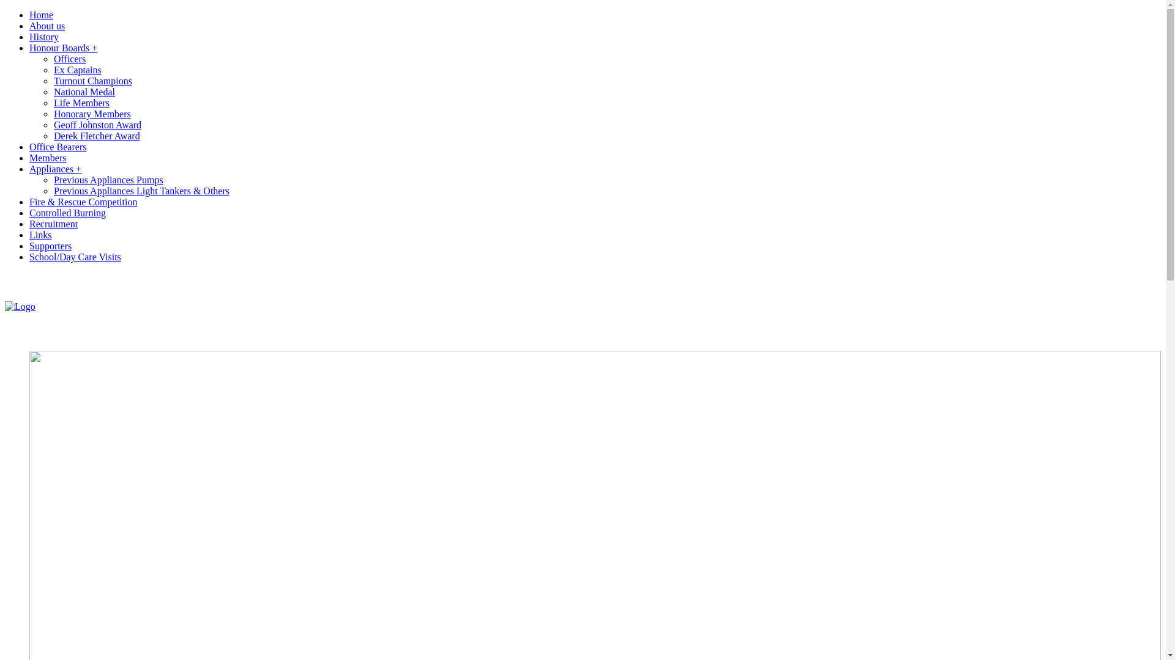  I want to click on 'Home', so click(29, 15).